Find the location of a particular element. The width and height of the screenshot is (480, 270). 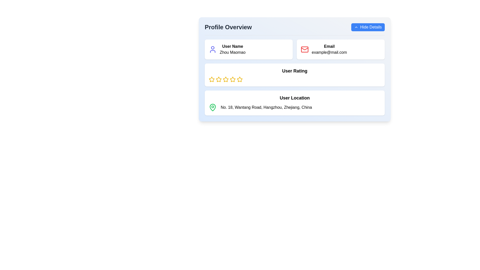

the text label indicating the purpose of the rating section, which is positioned above the star-based rating icons is located at coordinates (295, 71).